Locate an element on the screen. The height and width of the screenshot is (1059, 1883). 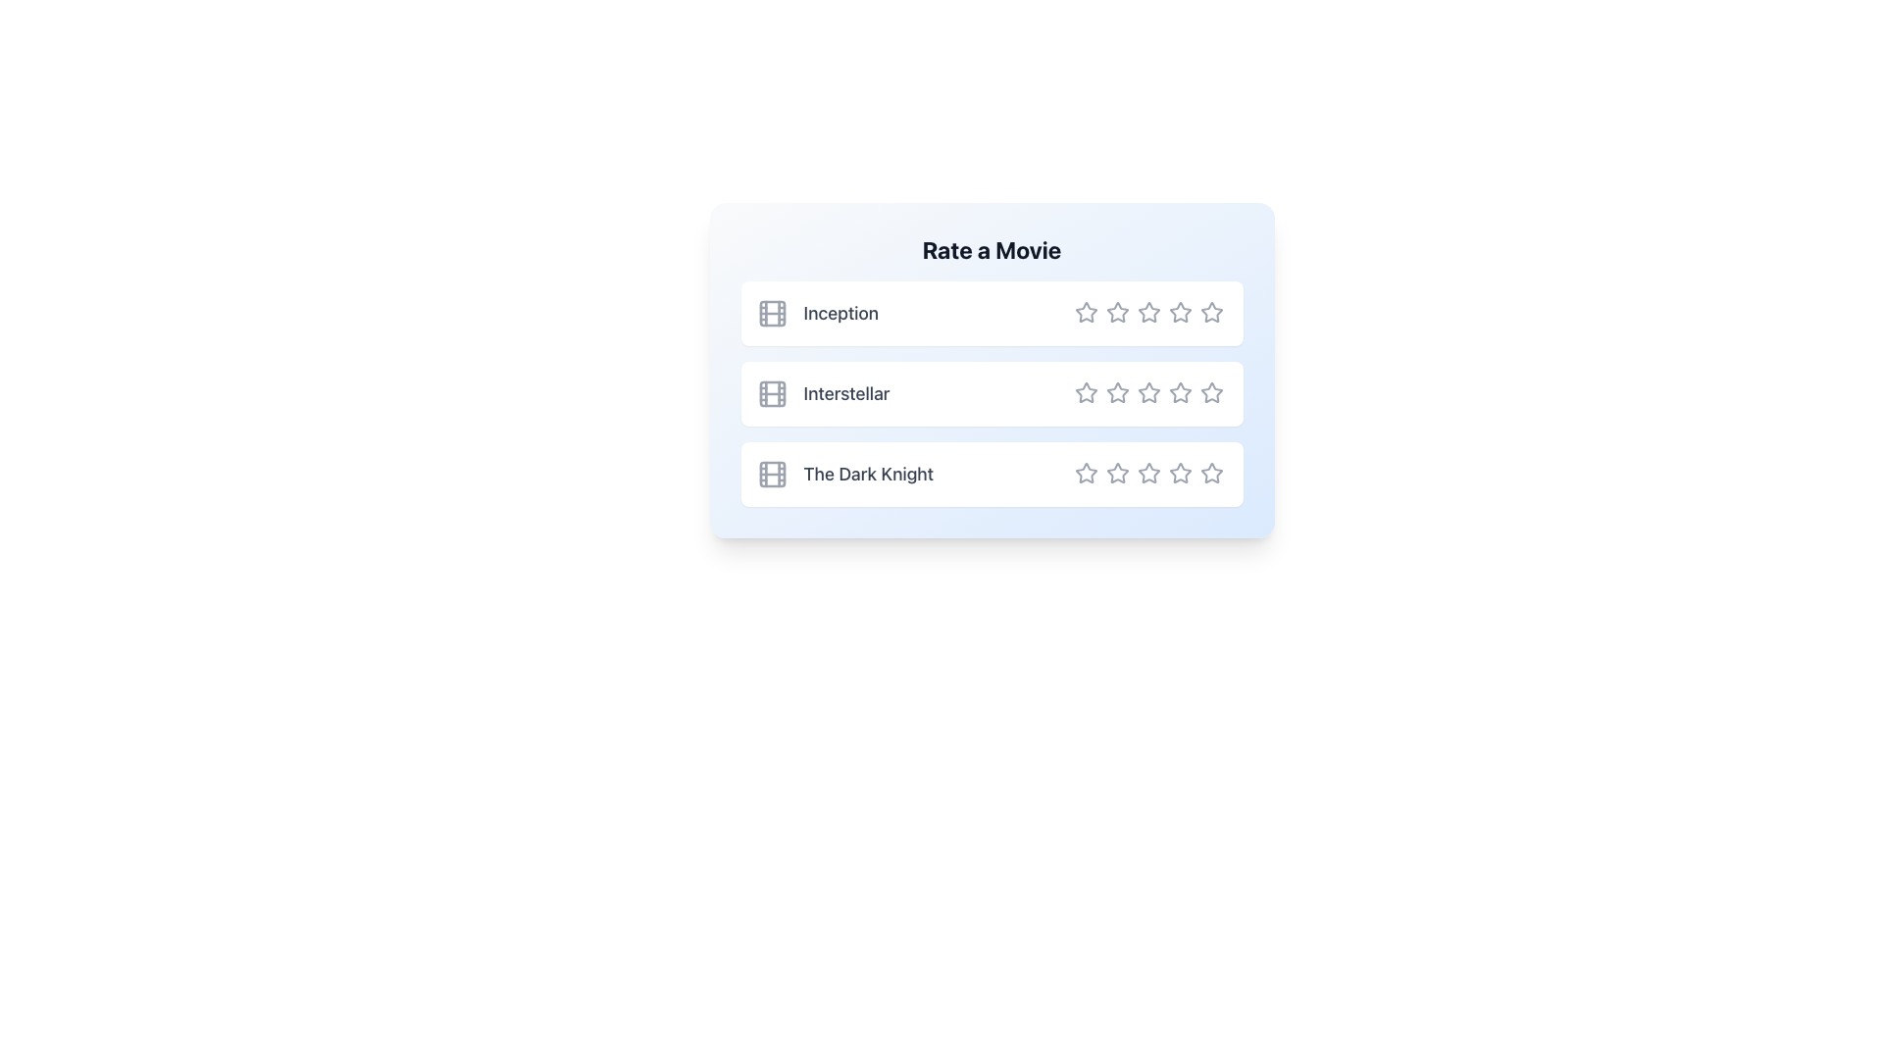
the fourth star-shaped icon in the rating system for the movie 'Inception' is located at coordinates (1179, 312).